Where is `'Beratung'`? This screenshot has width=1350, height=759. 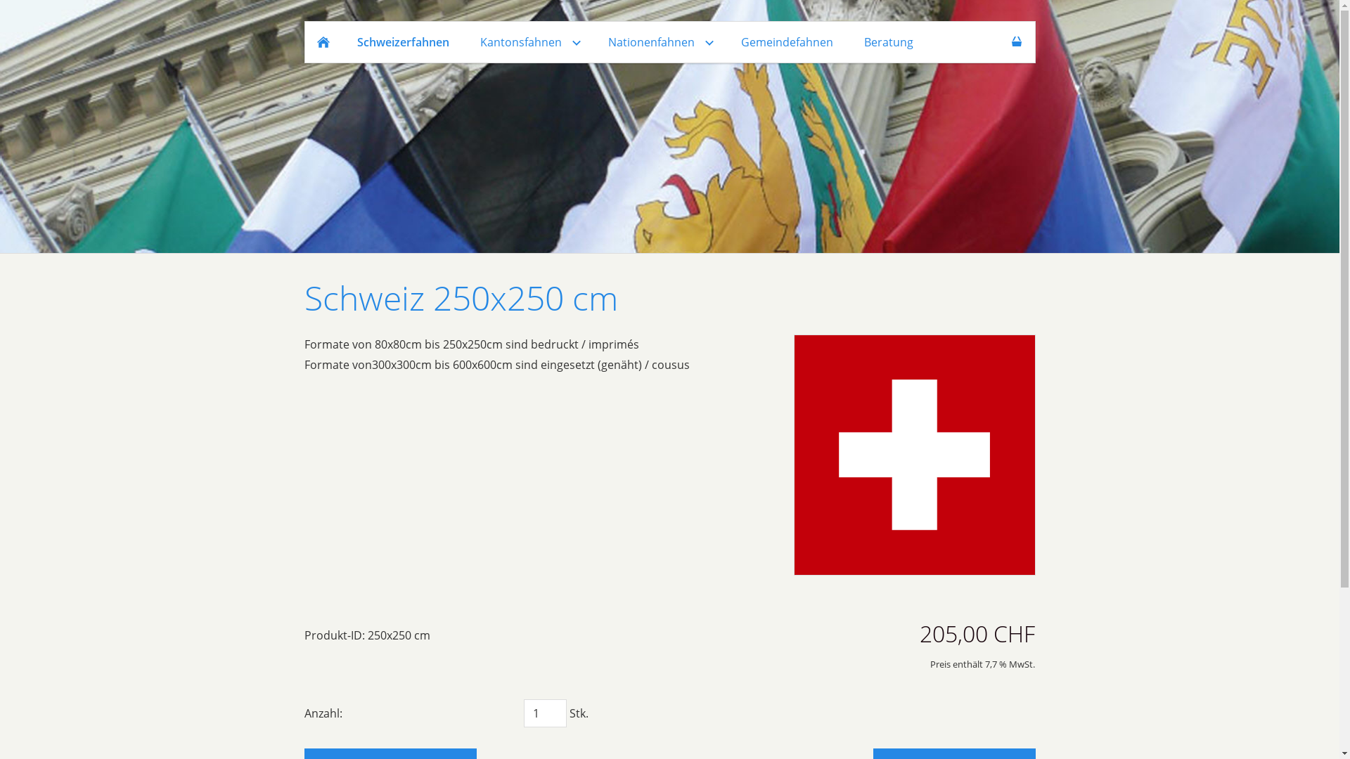
'Beratung' is located at coordinates (887, 41).